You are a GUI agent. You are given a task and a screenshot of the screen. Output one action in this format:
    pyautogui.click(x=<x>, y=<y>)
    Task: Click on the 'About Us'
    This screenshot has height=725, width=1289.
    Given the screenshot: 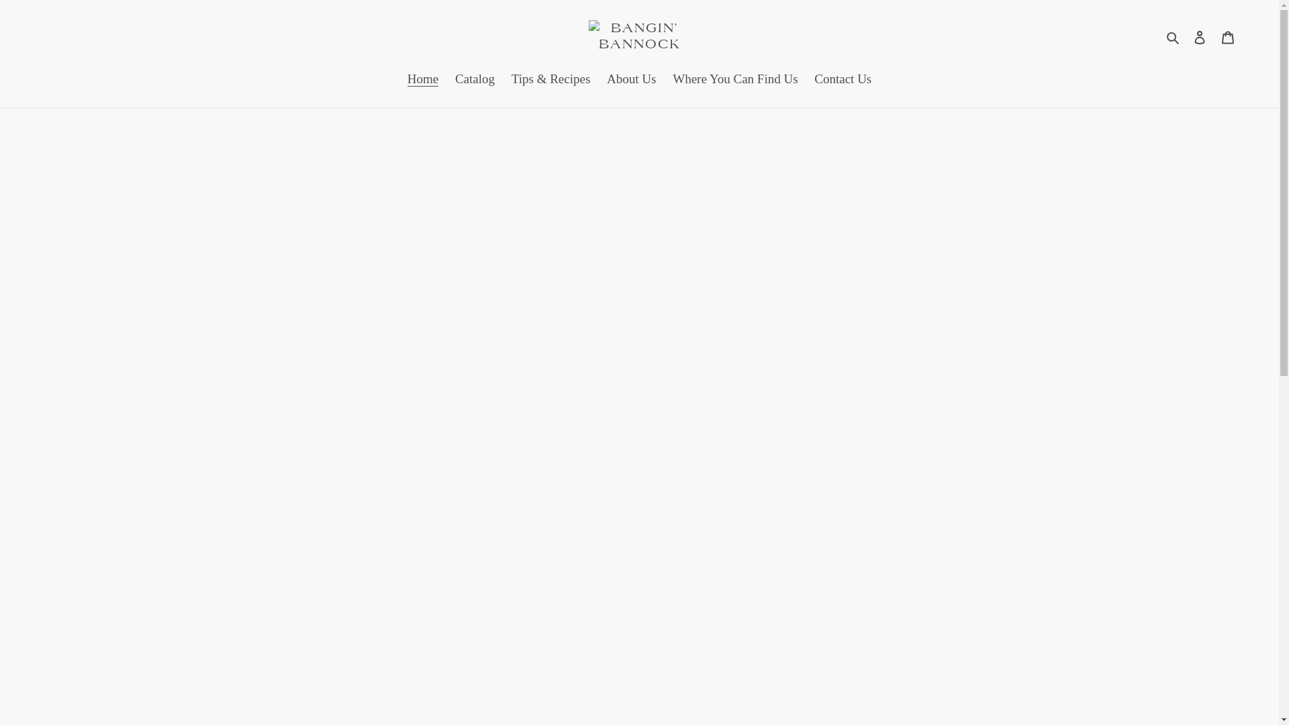 What is the action you would take?
    pyautogui.click(x=630, y=80)
    